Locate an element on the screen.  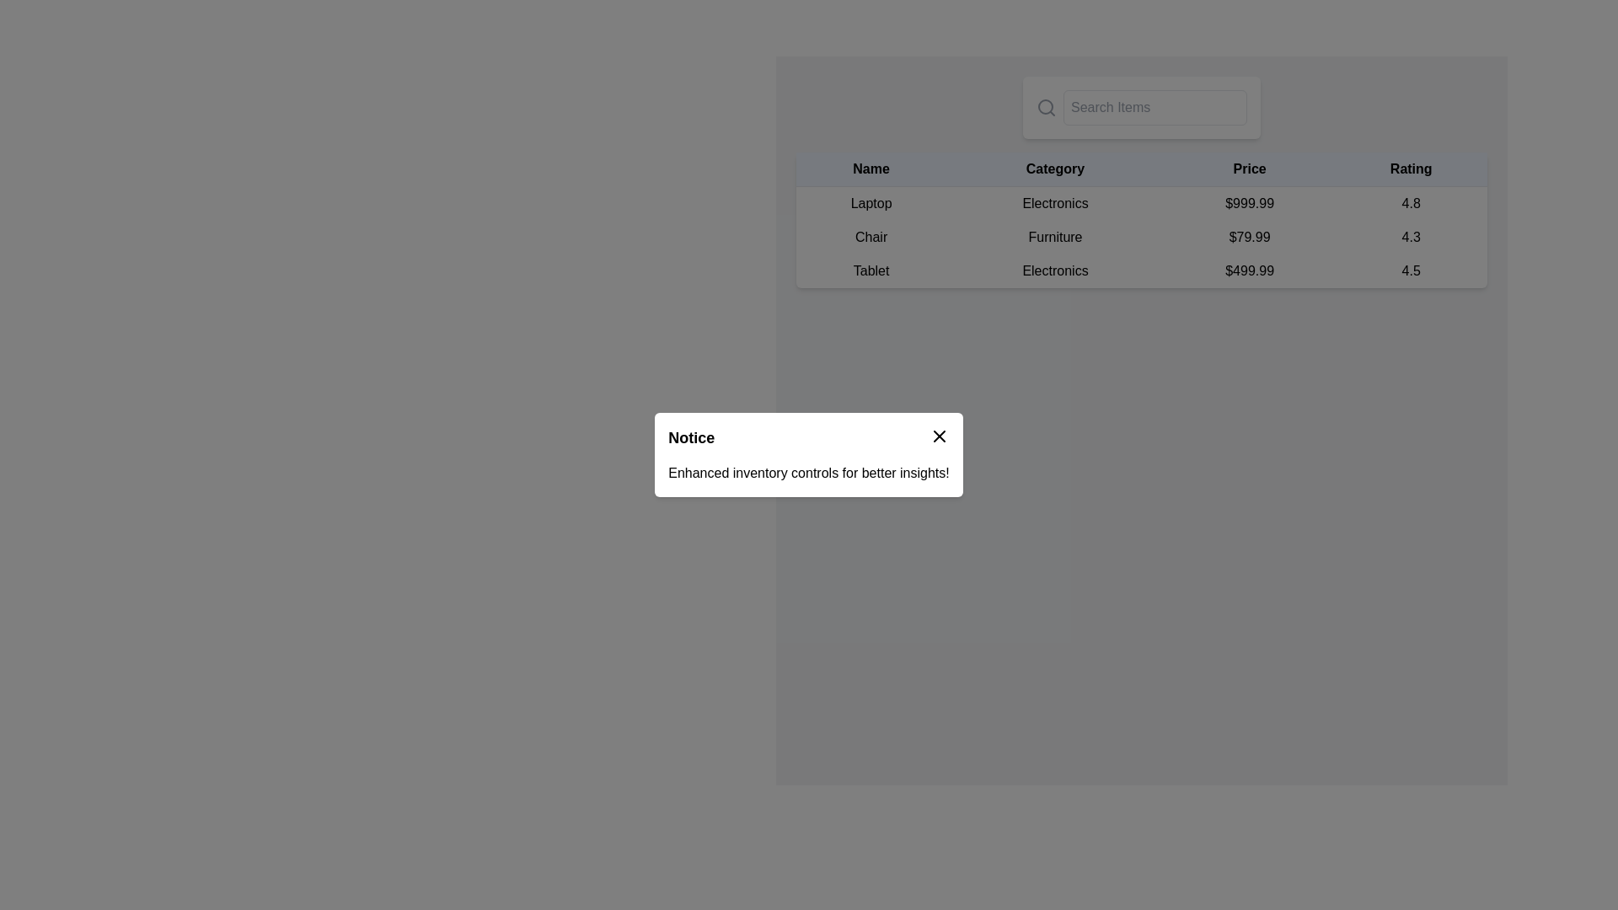
the text label displaying 'Price', which is a bold header in the table aligned with 'Name', 'Category', and 'Rating' is located at coordinates (1250, 169).